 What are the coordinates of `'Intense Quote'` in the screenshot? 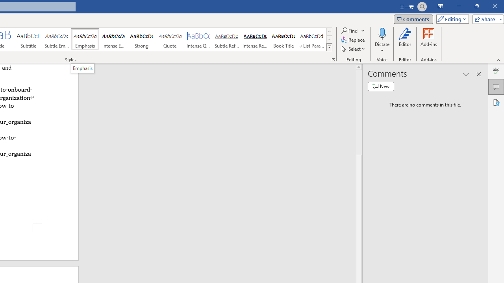 It's located at (198, 39).